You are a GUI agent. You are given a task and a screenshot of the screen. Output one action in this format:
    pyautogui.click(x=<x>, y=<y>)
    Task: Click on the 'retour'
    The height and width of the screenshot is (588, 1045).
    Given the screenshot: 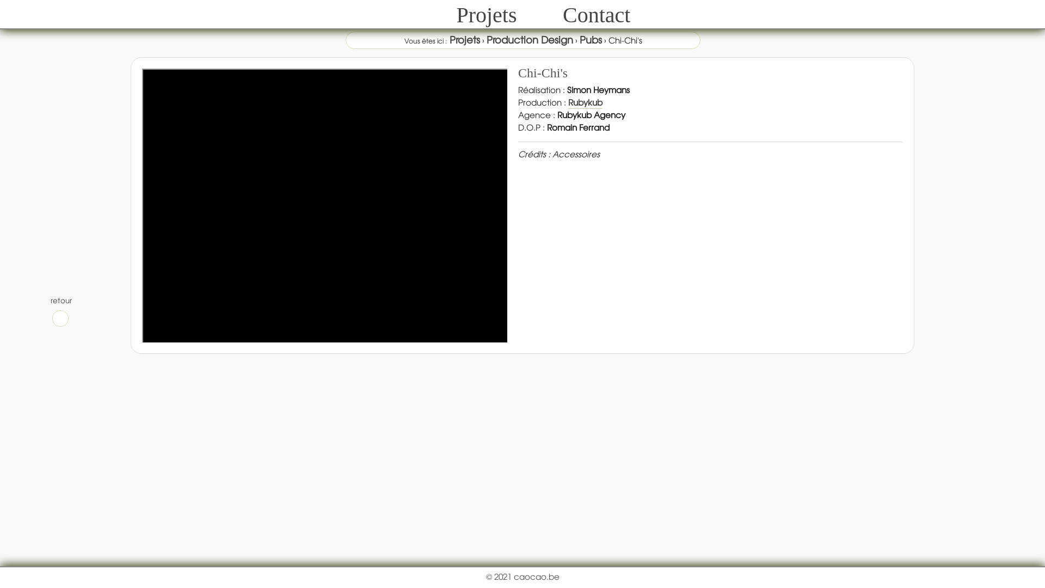 What is the action you would take?
    pyautogui.click(x=59, y=310)
    